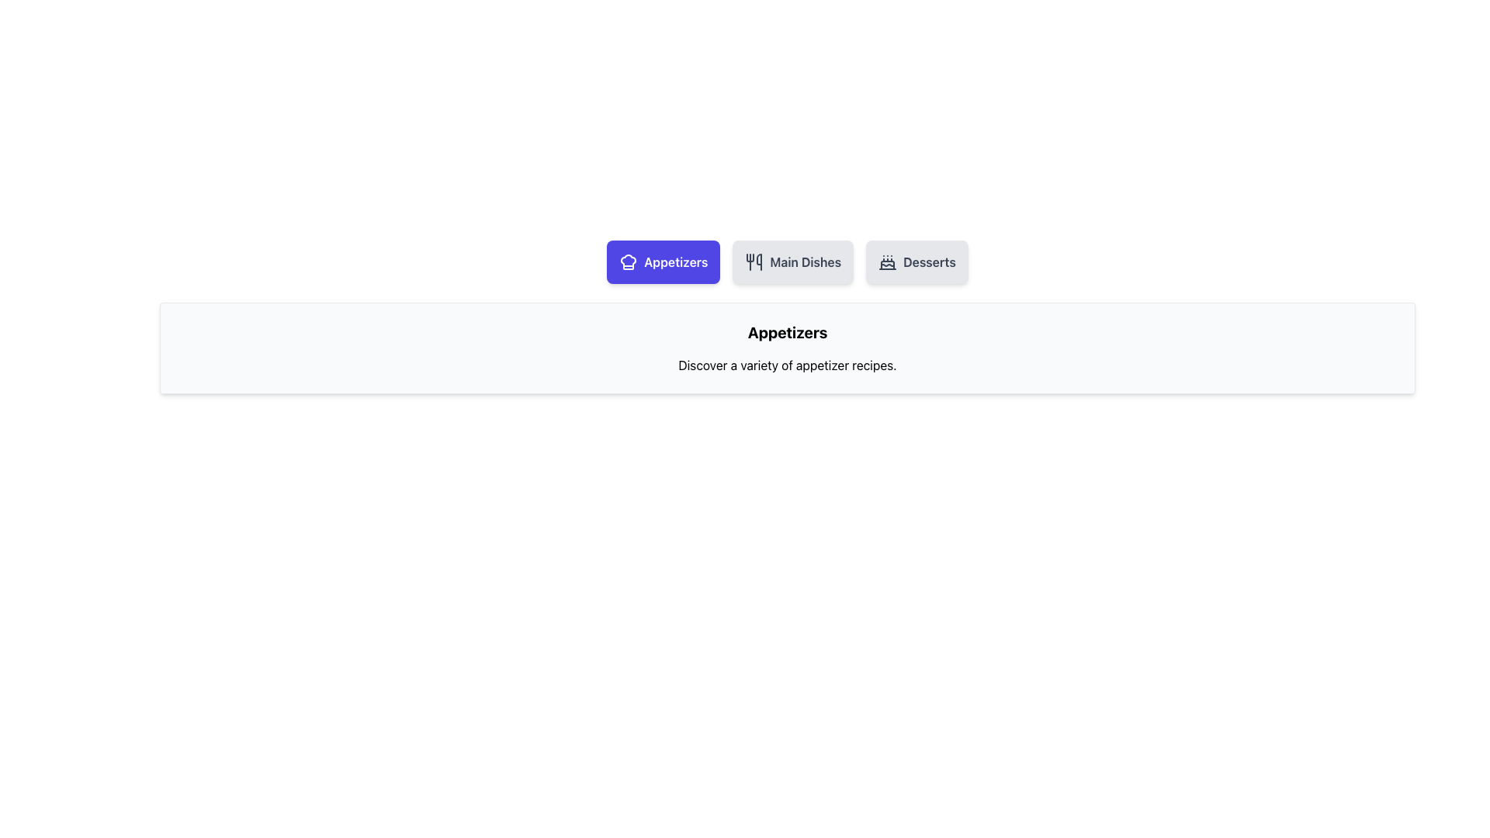 The width and height of the screenshot is (1490, 838). What do you see at coordinates (664, 261) in the screenshot?
I see `the 'Appetizers' button, which is a rectangular button with rounded corners, a purple background, and a chef's hat icon to the left of the text` at bounding box center [664, 261].